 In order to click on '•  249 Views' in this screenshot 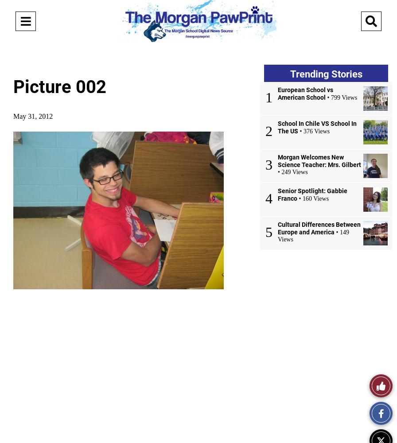, I will do `click(278, 172)`.